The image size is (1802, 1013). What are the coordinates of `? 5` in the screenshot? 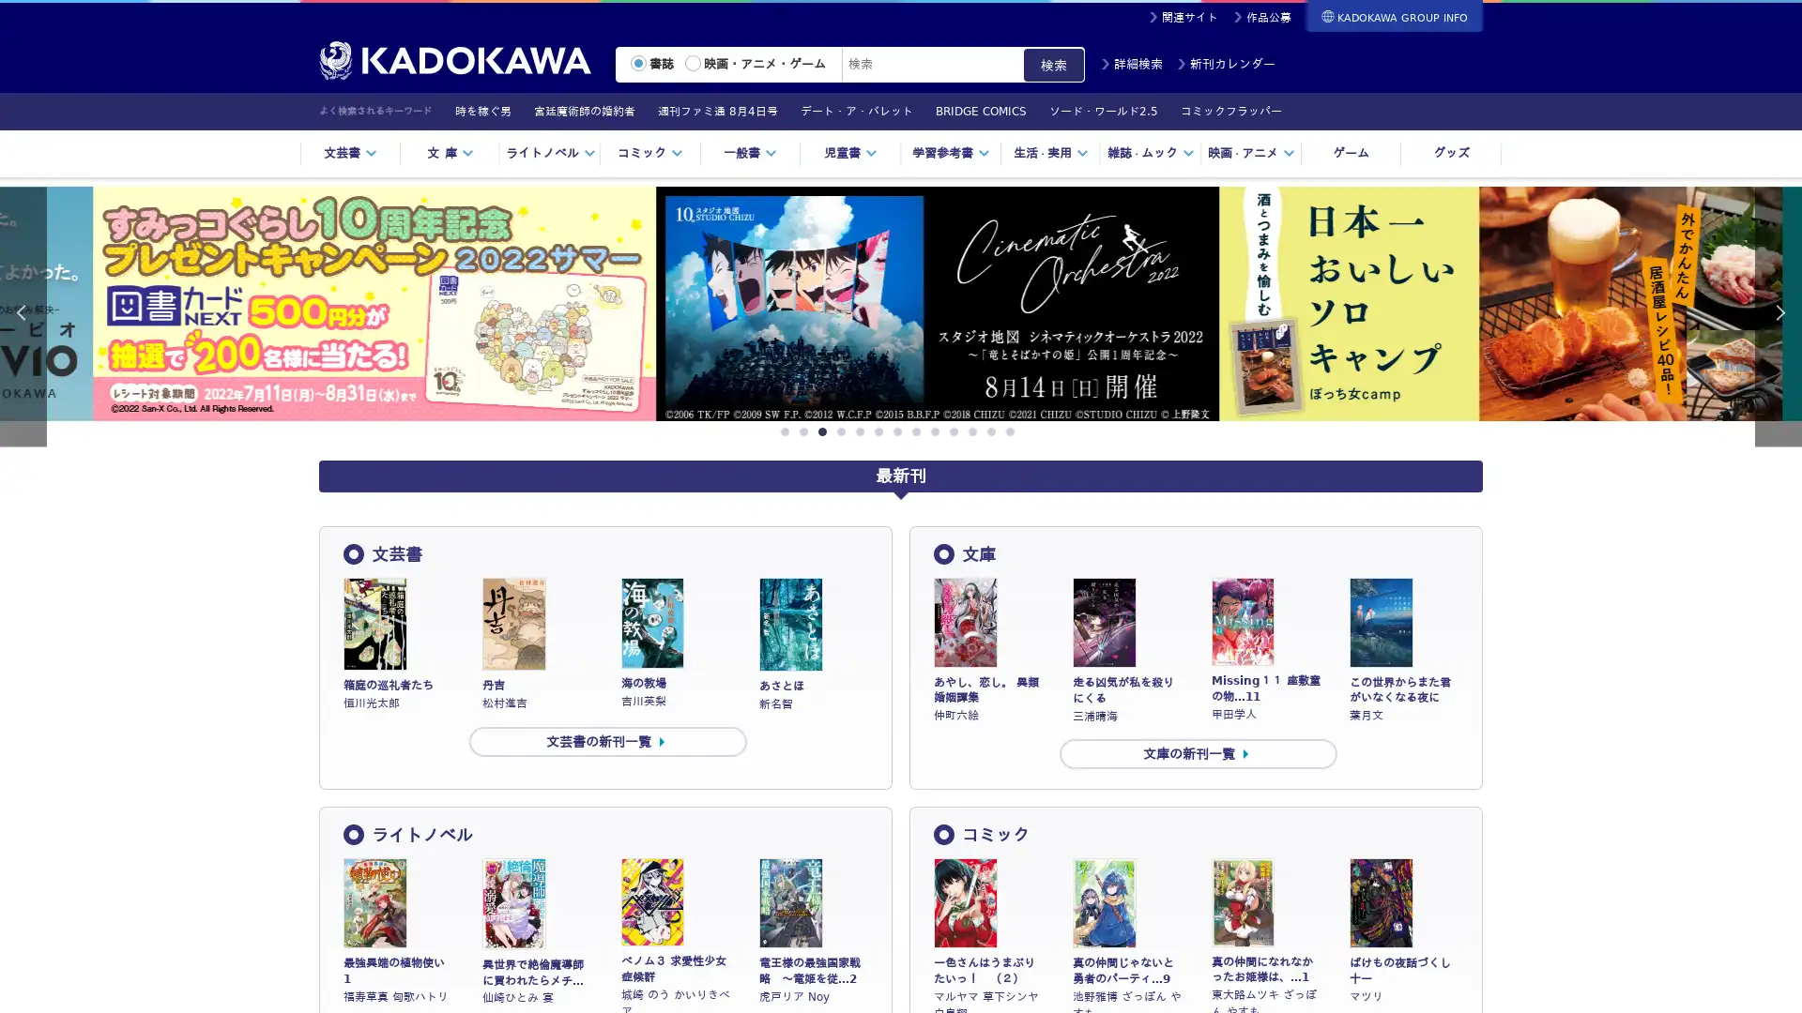 It's located at (976, 141).